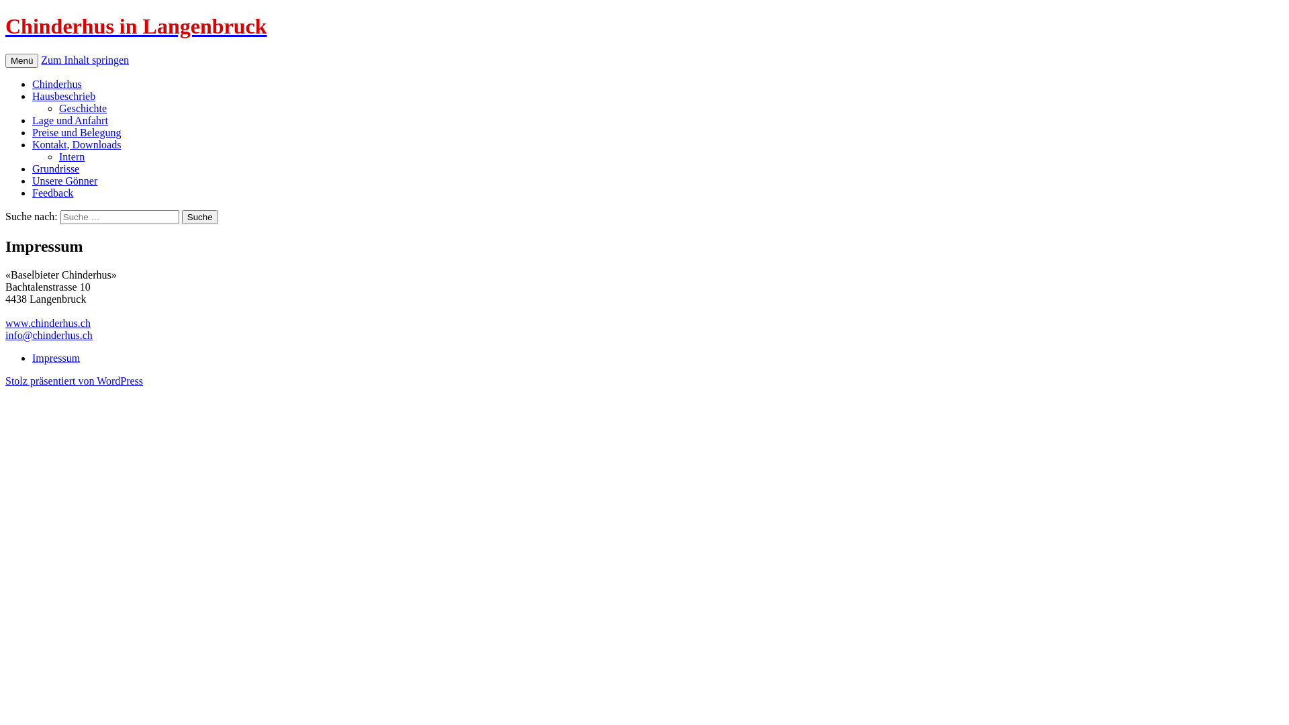 The width and height of the screenshot is (1289, 725). What do you see at coordinates (5, 26) in the screenshot?
I see `'Chinderhus in Langenbruck'` at bounding box center [5, 26].